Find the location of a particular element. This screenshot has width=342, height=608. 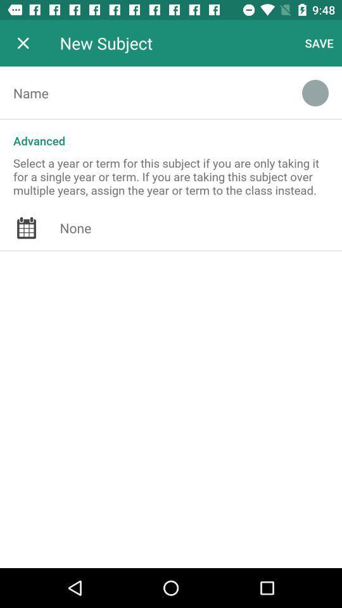

the save item is located at coordinates (319, 43).